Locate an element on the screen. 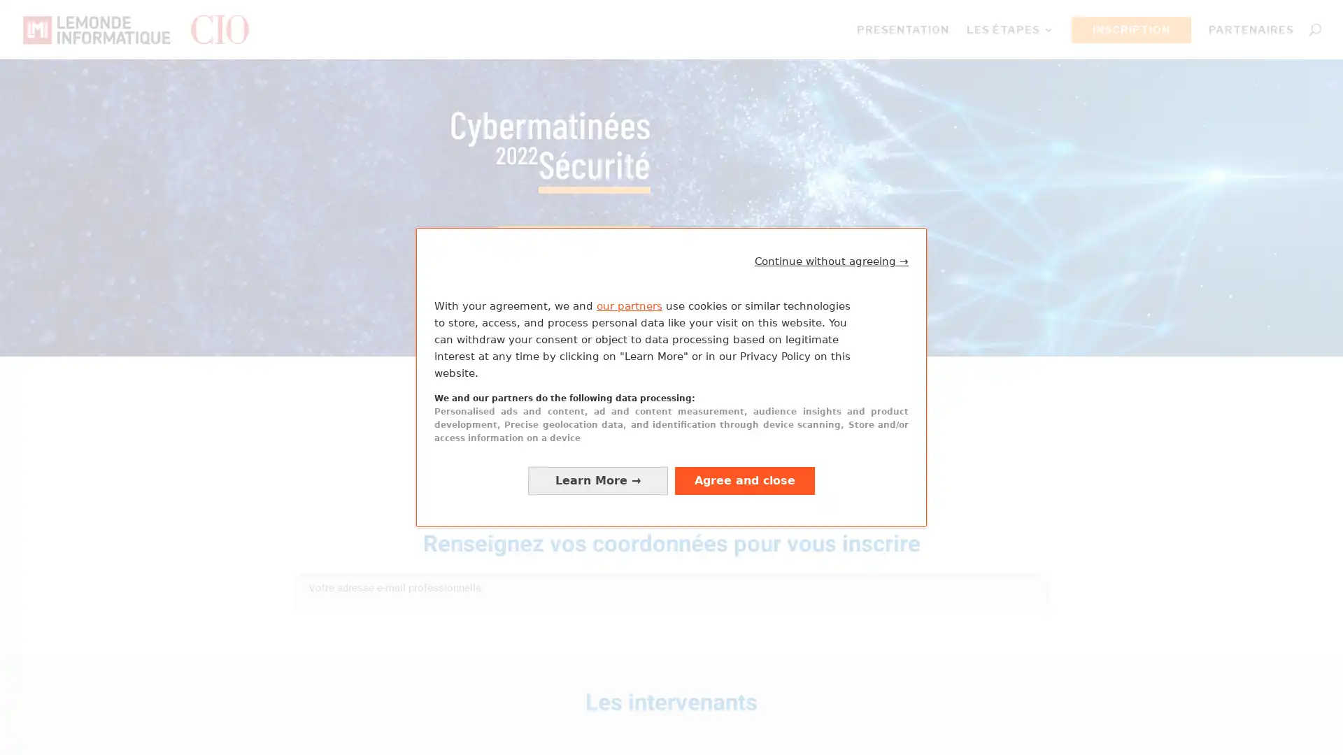 Image resolution: width=1343 pixels, height=755 pixels. Agree to our data processing and close is located at coordinates (744, 480).